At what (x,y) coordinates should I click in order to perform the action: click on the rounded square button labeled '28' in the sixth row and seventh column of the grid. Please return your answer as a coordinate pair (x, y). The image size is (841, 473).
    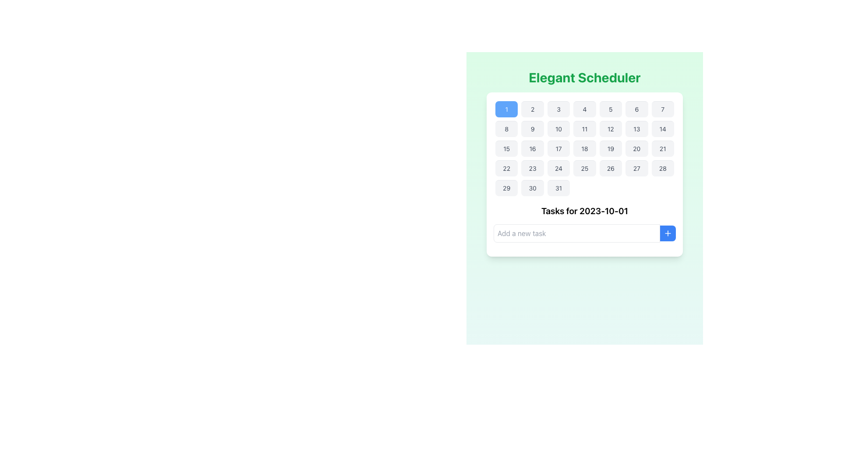
    Looking at the image, I should click on (663, 168).